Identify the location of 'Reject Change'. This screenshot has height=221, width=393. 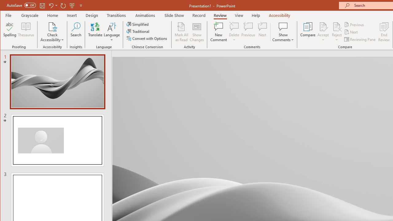
(336, 26).